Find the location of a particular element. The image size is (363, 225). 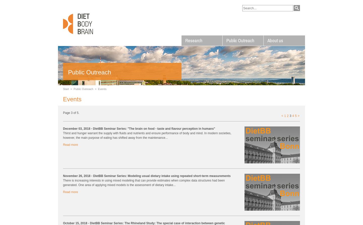

'November 26, 2018' is located at coordinates (77, 175).